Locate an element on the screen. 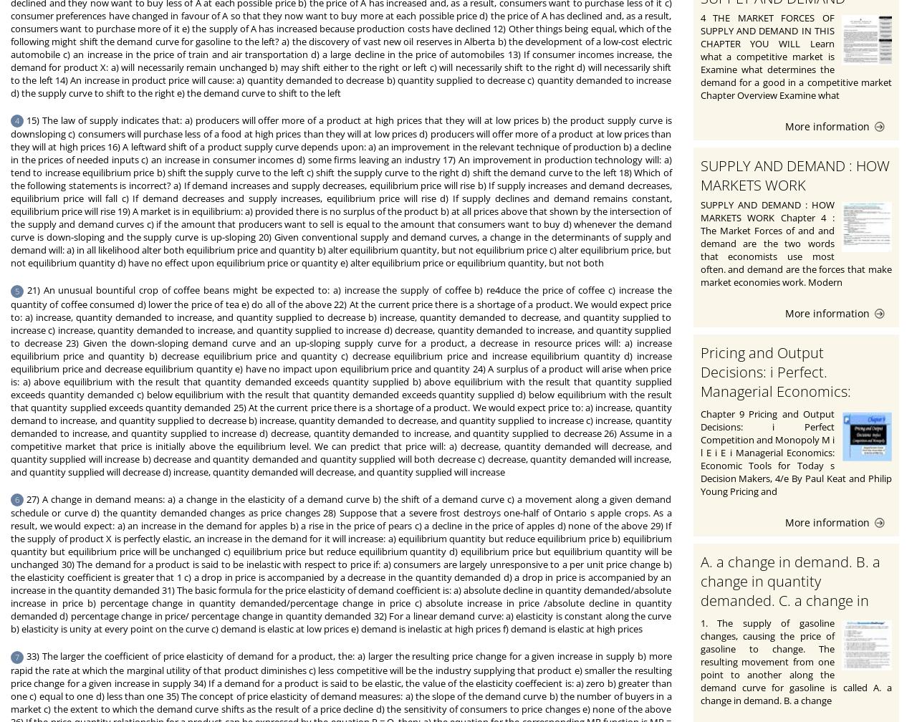  'SUPPLY AND DEMAND : HOW MARKETS WORK Chapter 4 : The Market Forces of and and demand are the two words that economists use most often. and demand are the forces that make market economies work. Modern' is located at coordinates (795, 242).